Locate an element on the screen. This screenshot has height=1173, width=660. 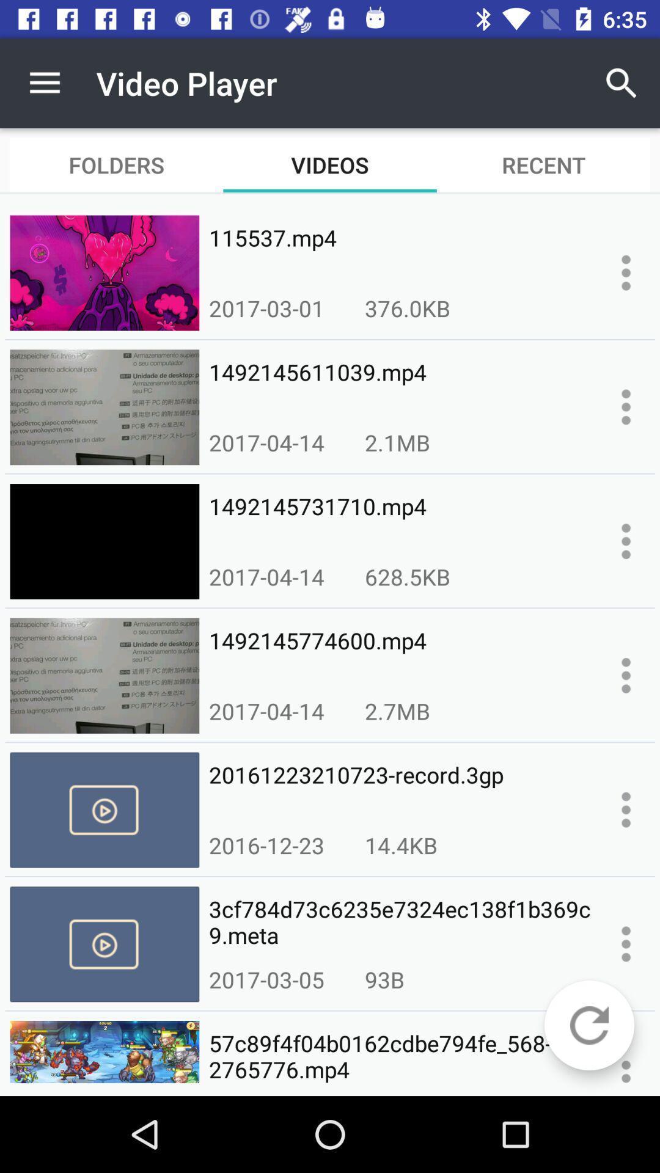
the icon below the 115537.mp4 icon is located at coordinates (408, 308).